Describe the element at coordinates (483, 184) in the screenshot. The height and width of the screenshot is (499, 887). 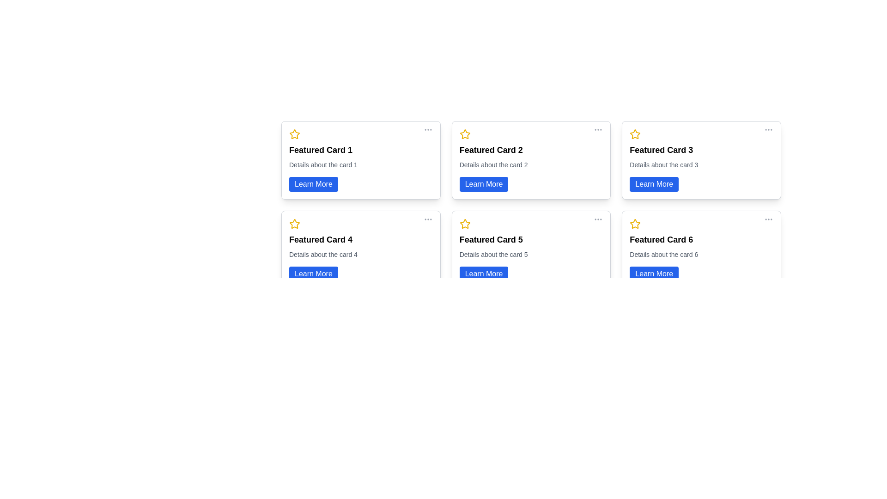
I see `the button located at the bottom of 'Featured Card 2'` at that location.